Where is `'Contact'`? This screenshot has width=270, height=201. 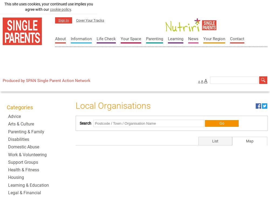
'Contact' is located at coordinates (230, 39).